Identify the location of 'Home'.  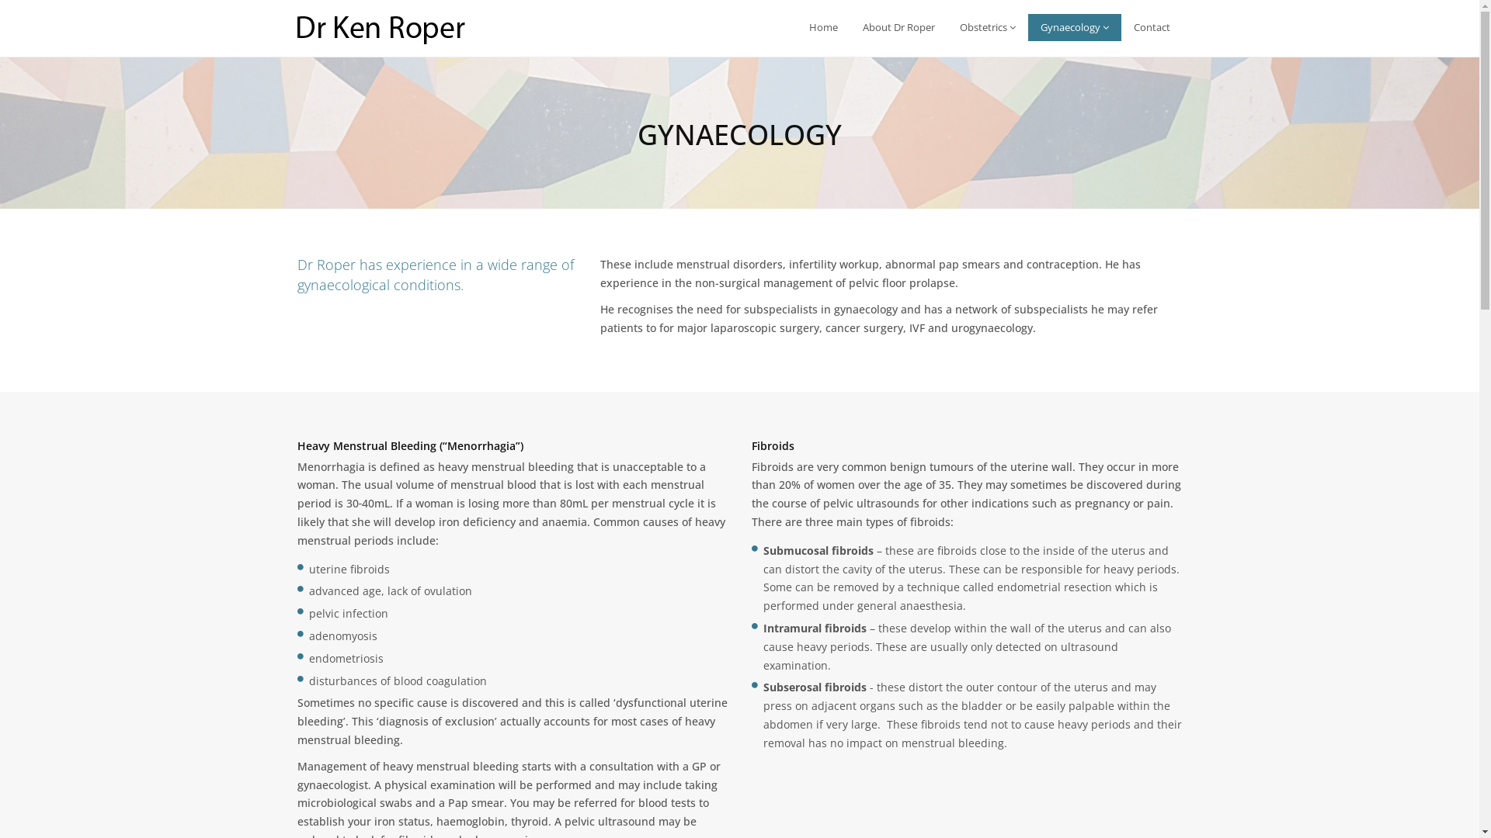
(797, 27).